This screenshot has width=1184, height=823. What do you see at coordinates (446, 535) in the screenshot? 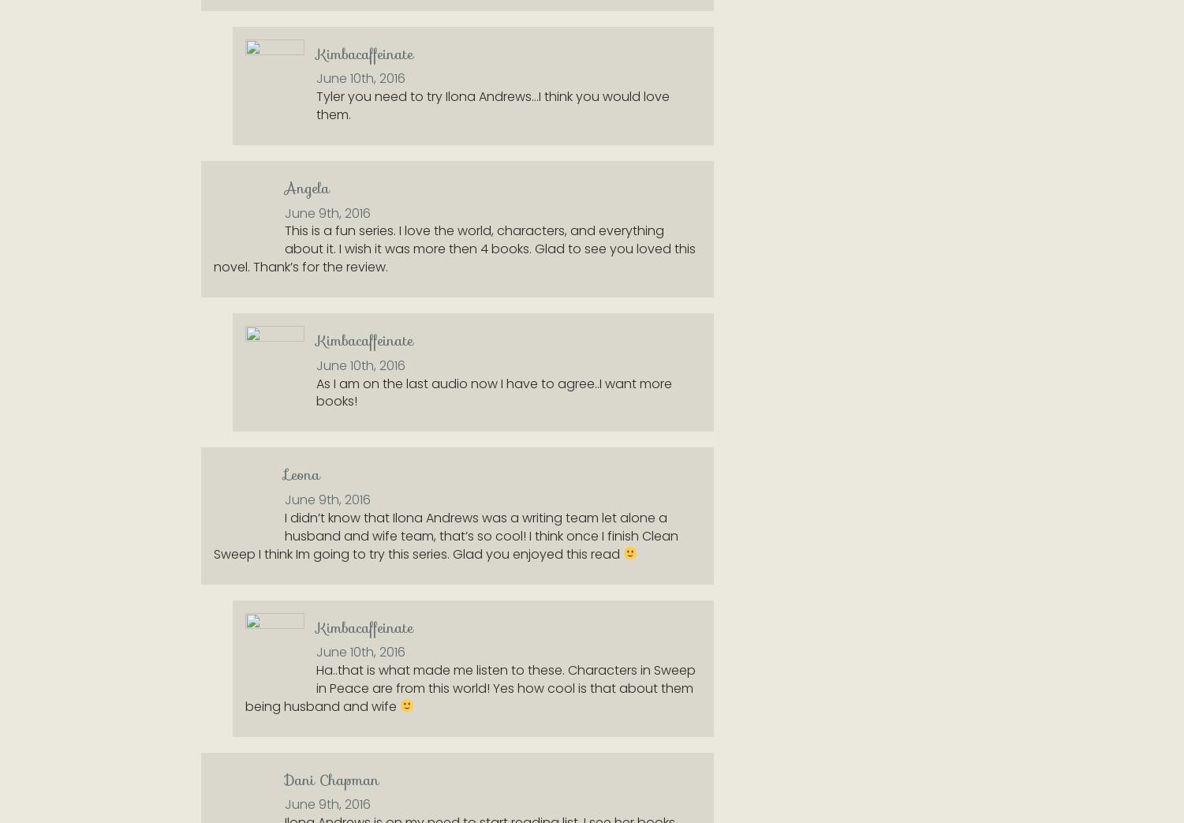
I see `'I didn’t know that Ilona Andrews was a writing team let alone a husband and wife team, that’s so cool! I think once I finish Clean Sweep I think Im going to try this series. Glad you enjoyed this read'` at bounding box center [446, 535].